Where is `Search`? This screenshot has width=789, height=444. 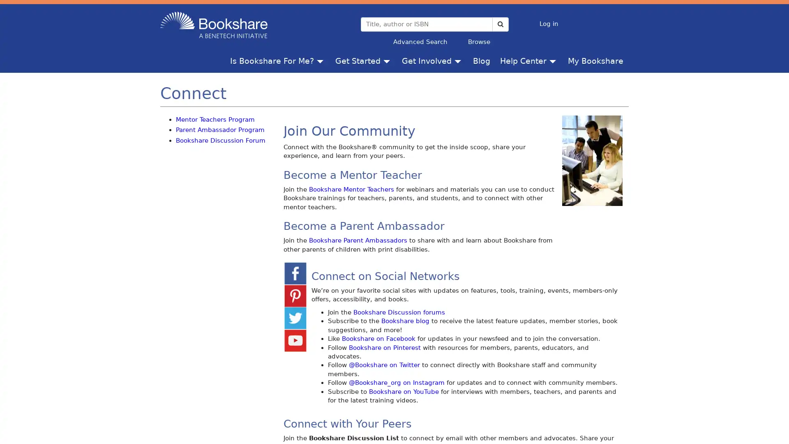 Search is located at coordinates (500, 23).